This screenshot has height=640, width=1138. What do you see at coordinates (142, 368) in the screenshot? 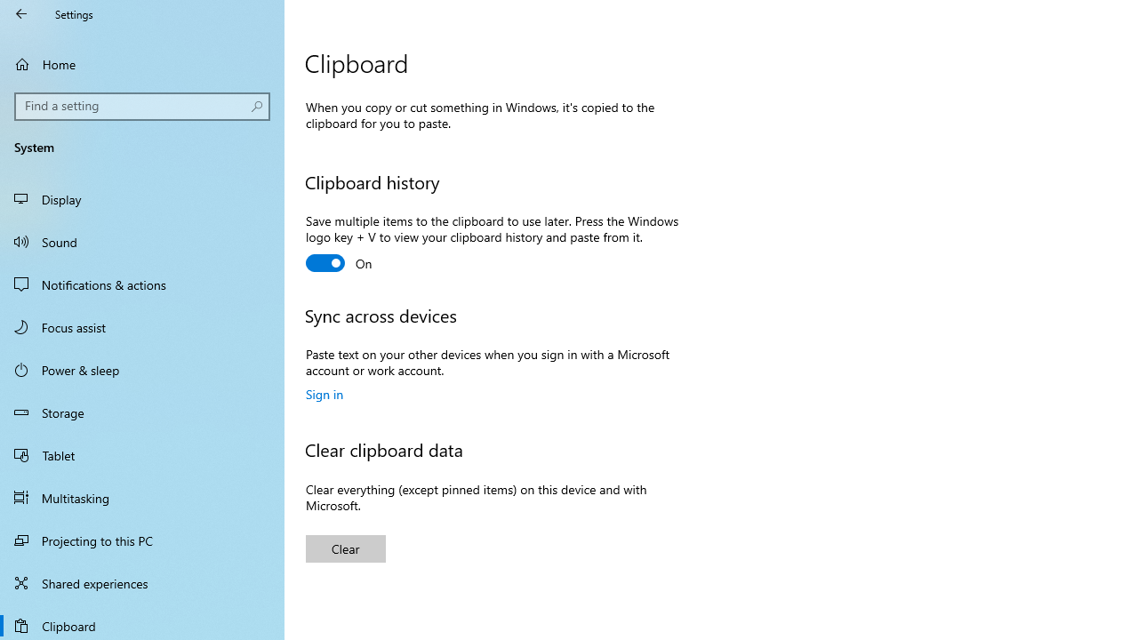
I see `'Power & sleep'` at bounding box center [142, 368].